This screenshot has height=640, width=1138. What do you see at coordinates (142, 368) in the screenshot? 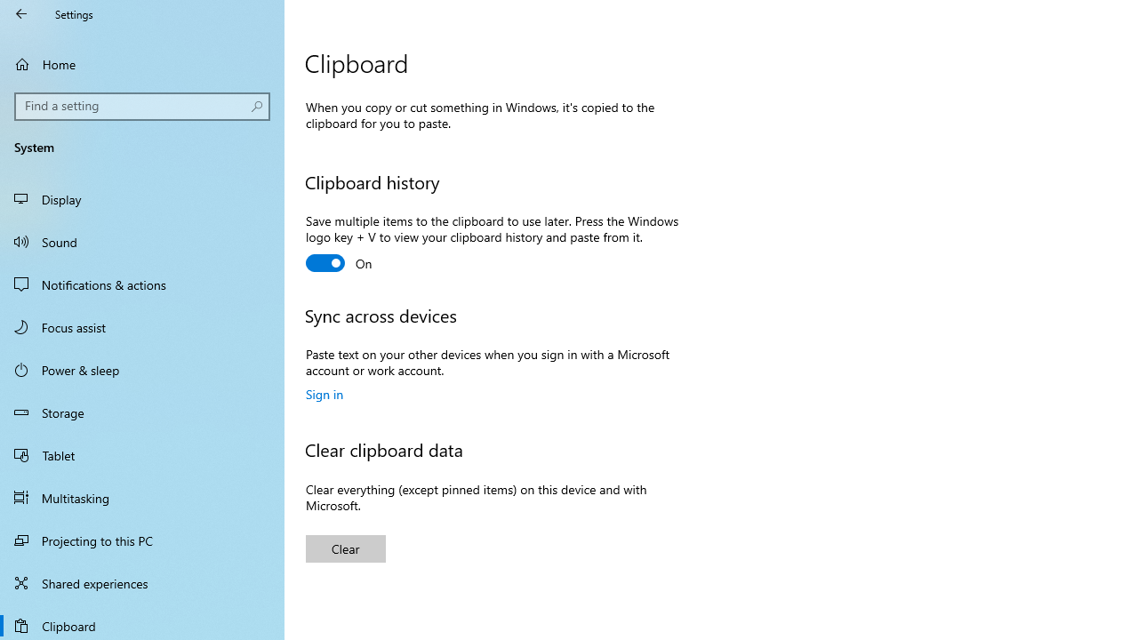
I see `'Power & sleep'` at bounding box center [142, 368].